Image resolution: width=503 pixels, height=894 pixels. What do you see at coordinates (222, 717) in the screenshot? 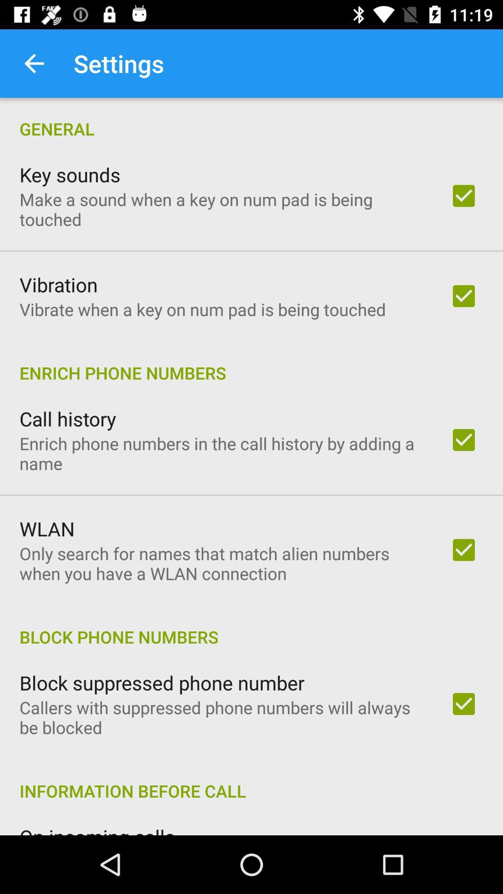
I see `icon below the block suppressed phone item` at bounding box center [222, 717].